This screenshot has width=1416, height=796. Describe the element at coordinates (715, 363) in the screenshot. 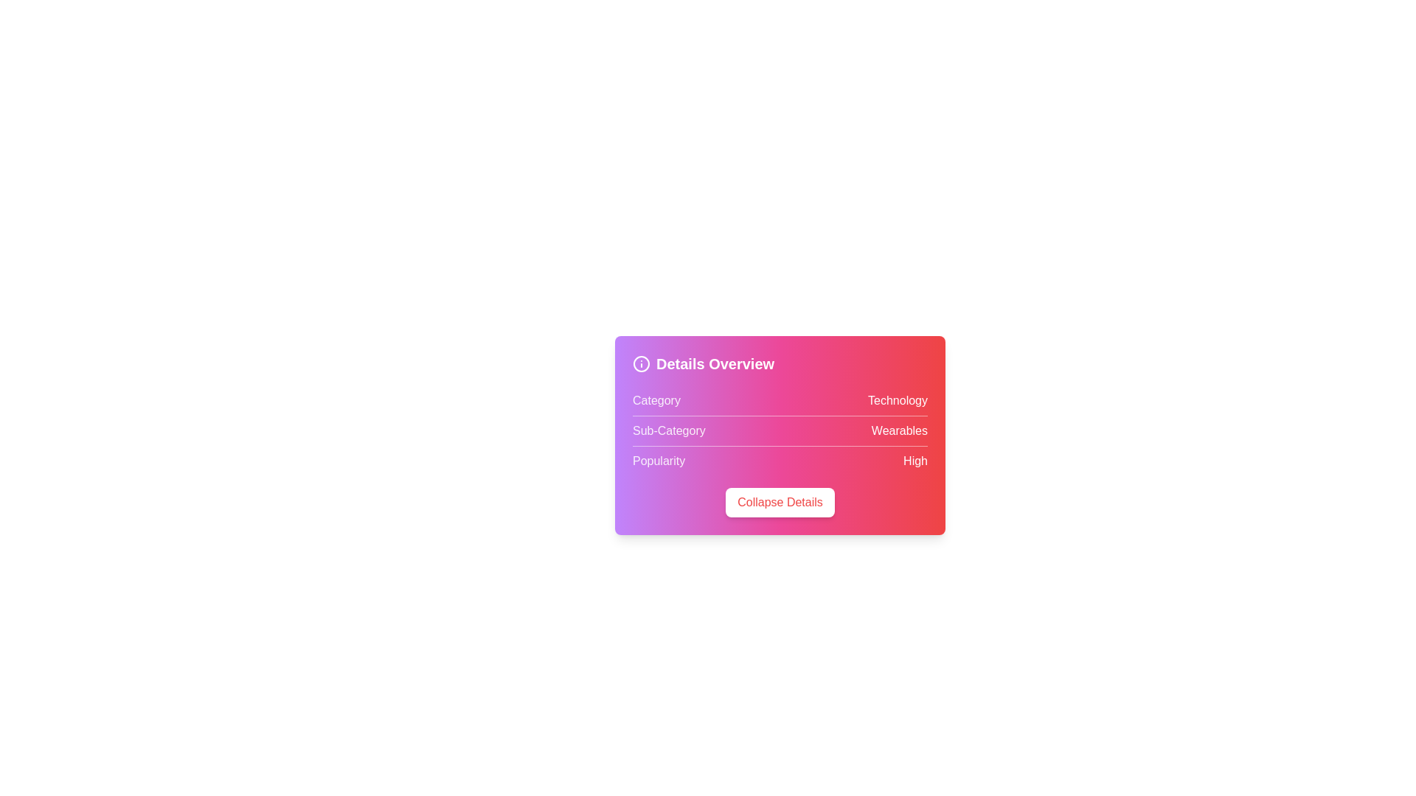

I see `text label that serves as the header for the informational card, located to the right of the circular info icon at the top-left corner of the card layout` at that location.